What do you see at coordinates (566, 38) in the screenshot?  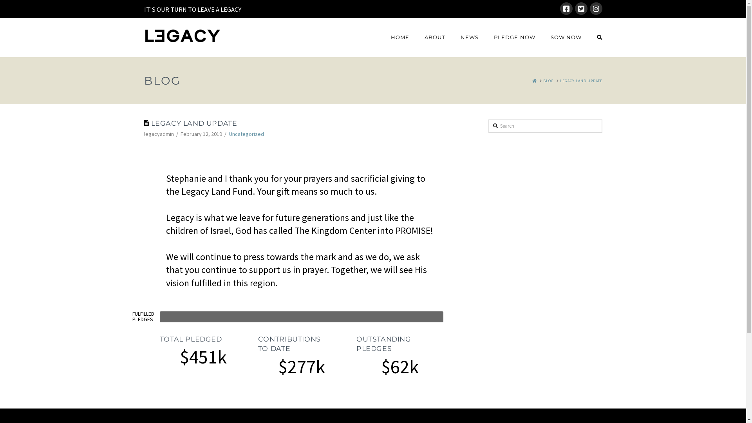 I see `'SOW NOW'` at bounding box center [566, 38].